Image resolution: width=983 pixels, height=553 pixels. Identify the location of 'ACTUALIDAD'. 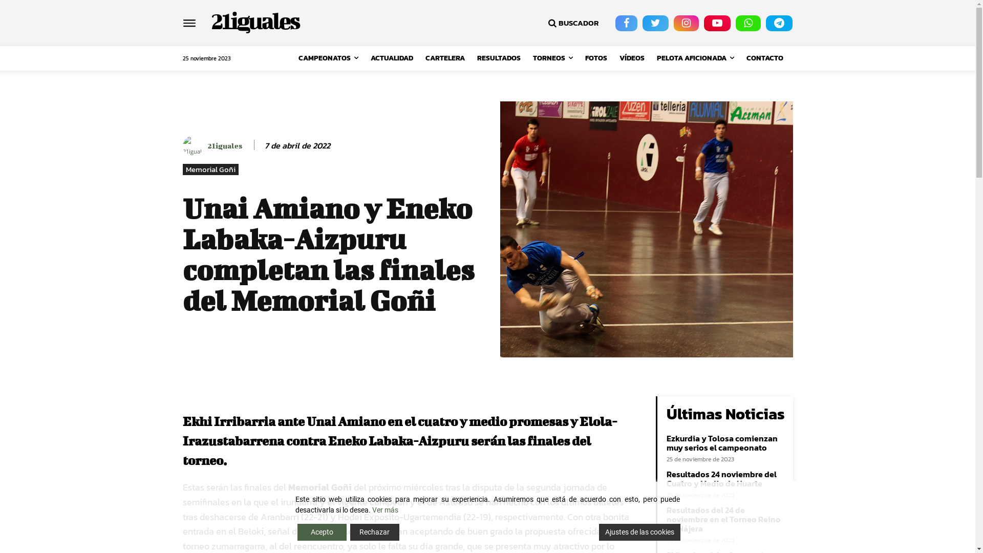
(391, 58).